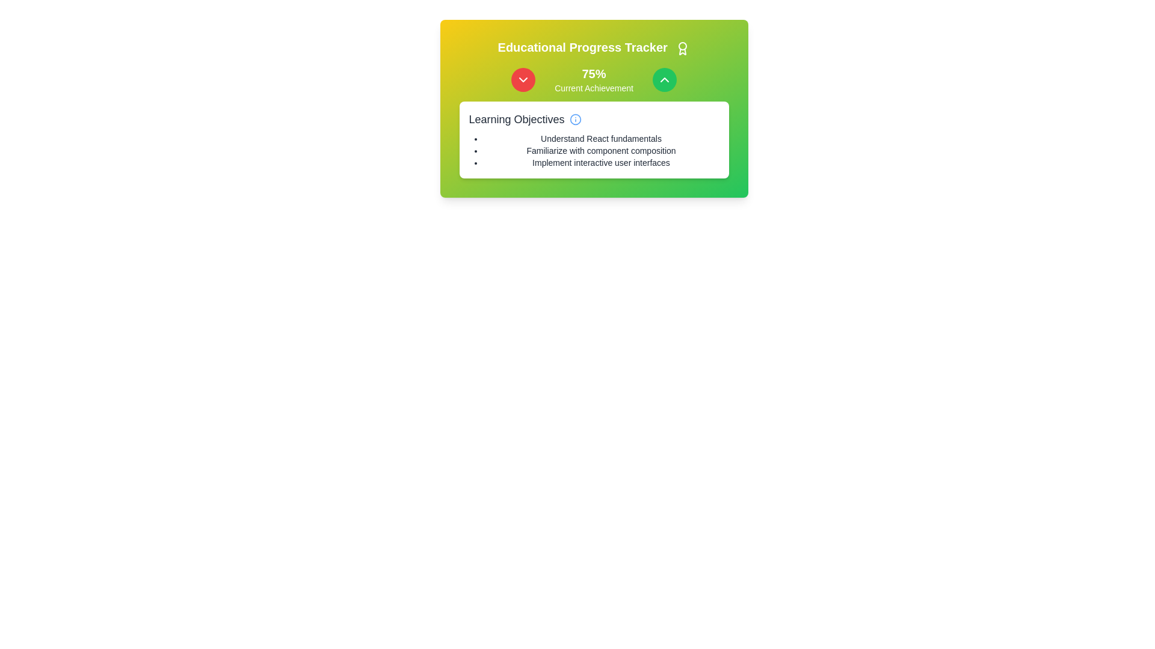  Describe the element at coordinates (523, 79) in the screenshot. I see `the red circular button with a white downward chevron icon located to the left of the '75% Current Achievement' text` at that location.